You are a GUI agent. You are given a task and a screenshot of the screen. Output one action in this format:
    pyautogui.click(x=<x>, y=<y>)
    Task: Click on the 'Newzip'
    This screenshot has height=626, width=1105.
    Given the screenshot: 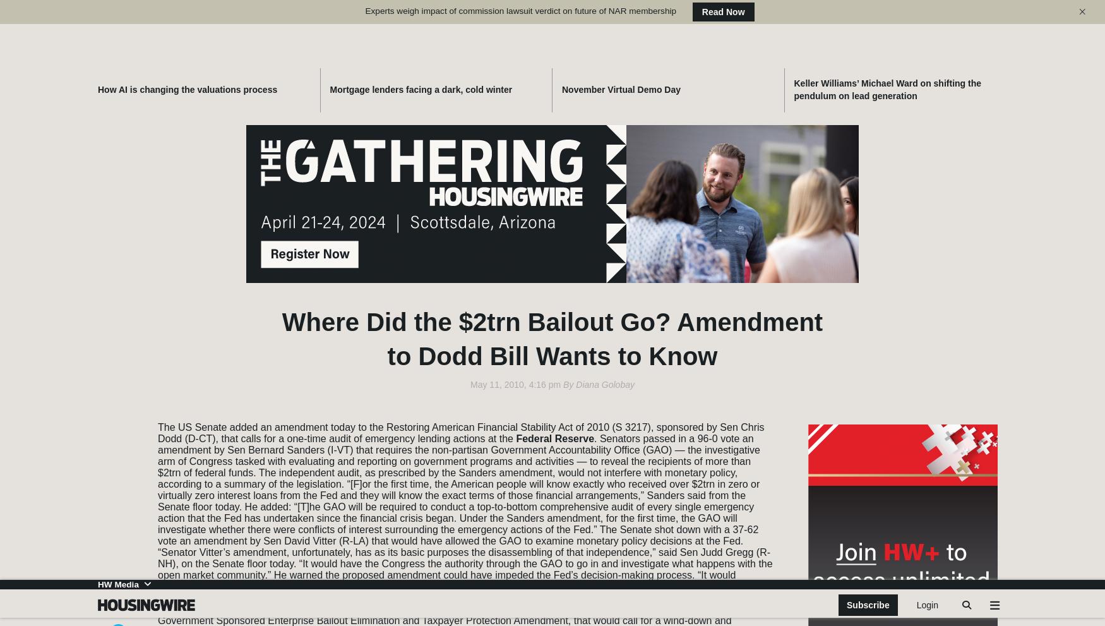 What is the action you would take?
    pyautogui.click(x=832, y=503)
    